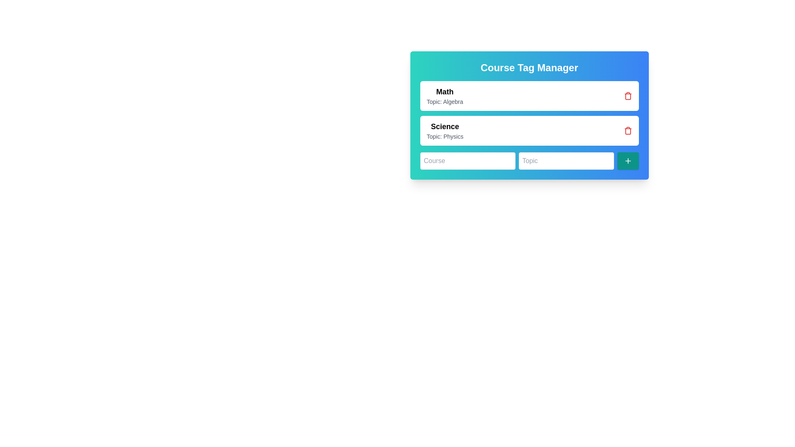 The width and height of the screenshot is (795, 447). Describe the element at coordinates (628, 130) in the screenshot. I see `the delete button icon associated with the entry labeled 'Science Topic: Physics'` at that location.